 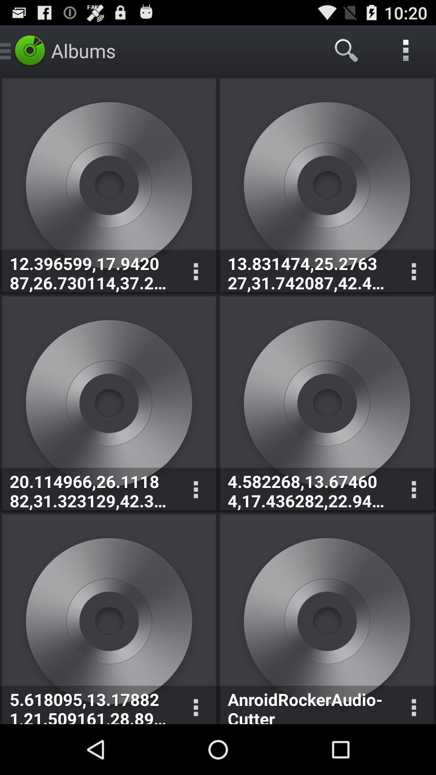 What do you see at coordinates (413, 704) in the screenshot?
I see `open options` at bounding box center [413, 704].